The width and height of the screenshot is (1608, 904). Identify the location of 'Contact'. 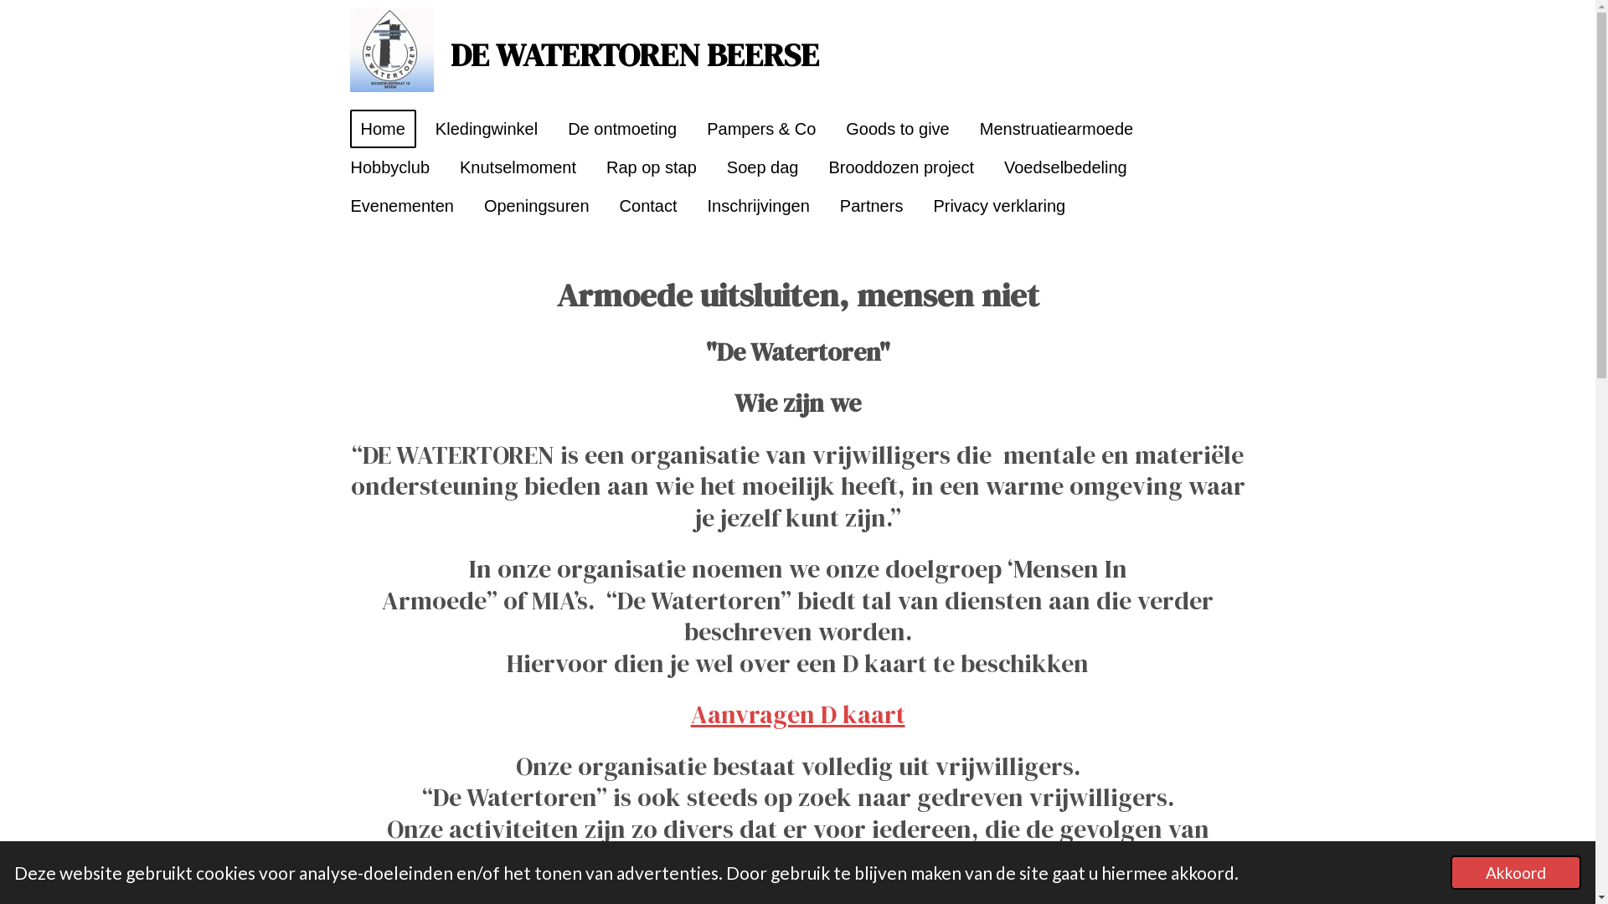
(647, 205).